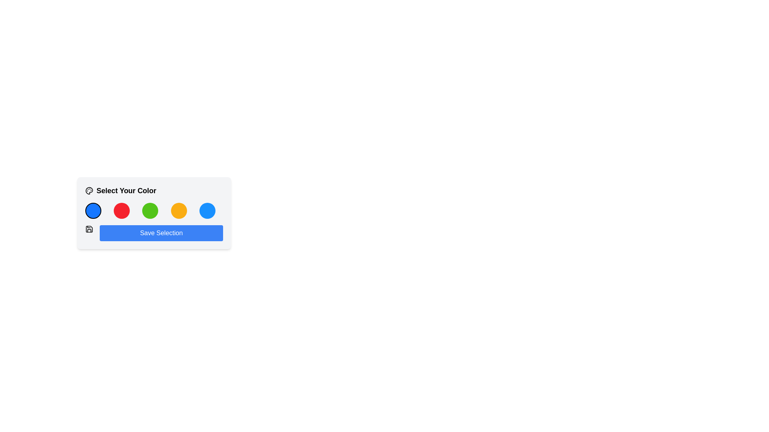 The image size is (769, 432). I want to click on the painter's palette icon located adjacent to the 'Select Your Color' text for color selection, so click(89, 191).